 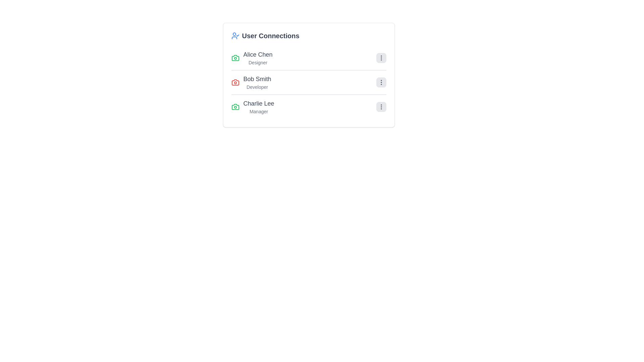 I want to click on the vertical ellipsis icon next to 'Alice Chen - Designer' in the 'User Connections' list, so click(x=381, y=58).